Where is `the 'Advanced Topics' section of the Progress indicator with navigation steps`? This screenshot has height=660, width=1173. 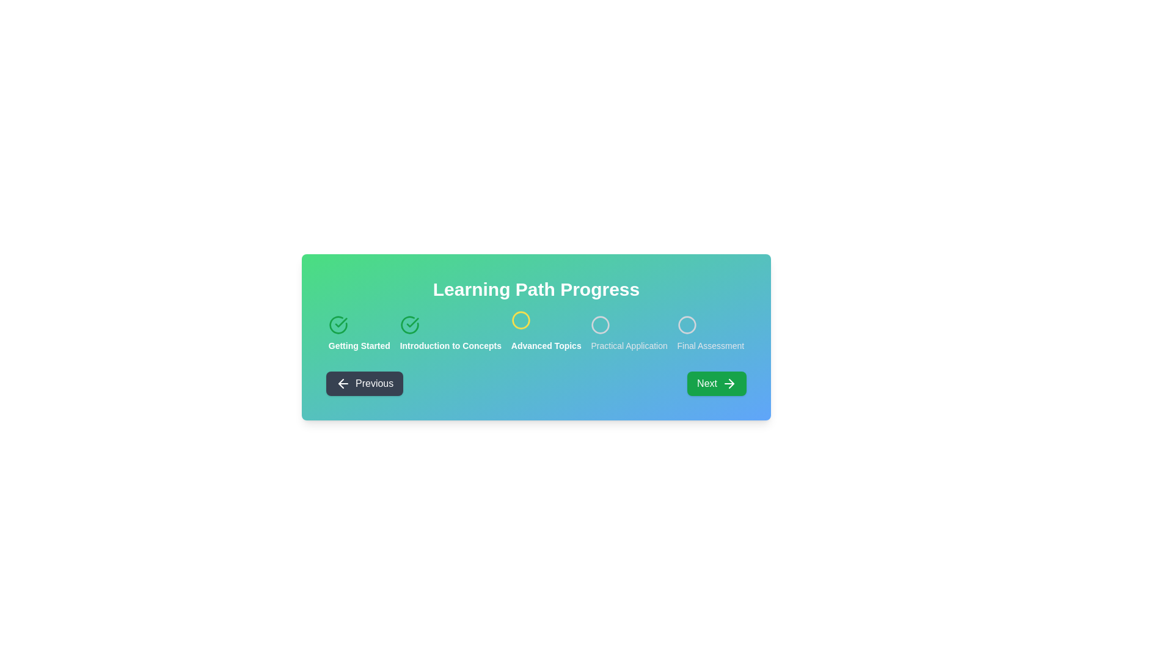 the 'Advanced Topics' section of the Progress indicator with navigation steps is located at coordinates (536, 334).